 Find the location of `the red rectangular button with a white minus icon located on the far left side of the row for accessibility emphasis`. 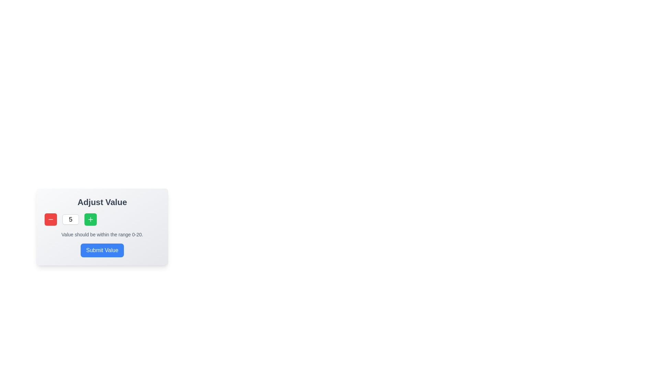

the red rectangular button with a white minus icon located on the far left side of the row for accessibility emphasis is located at coordinates (50, 220).